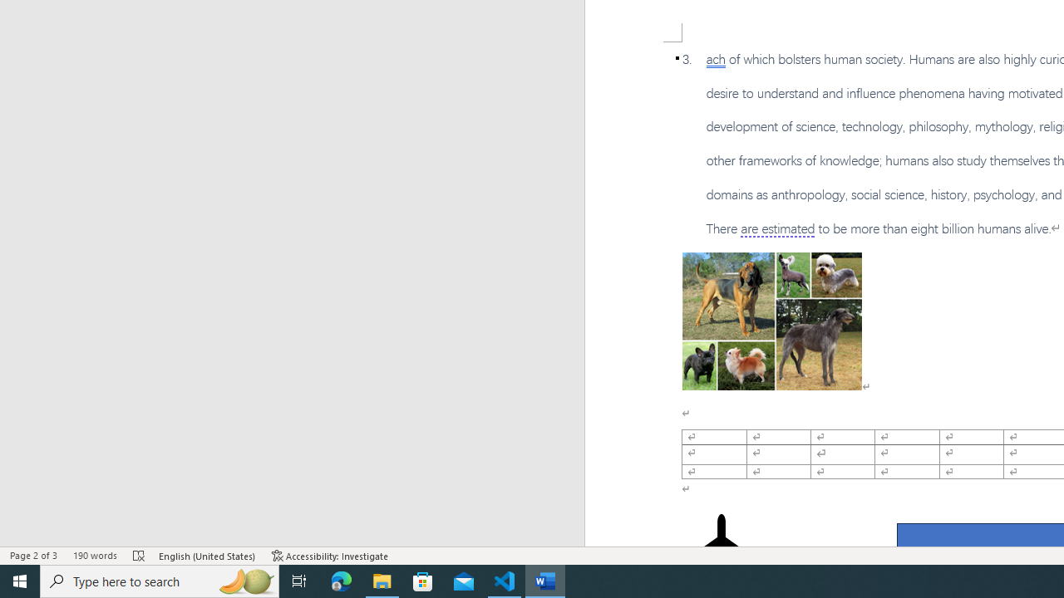 The image size is (1064, 598). What do you see at coordinates (330, 556) in the screenshot?
I see `'Accessibility Checker Accessibility: Investigate'` at bounding box center [330, 556].